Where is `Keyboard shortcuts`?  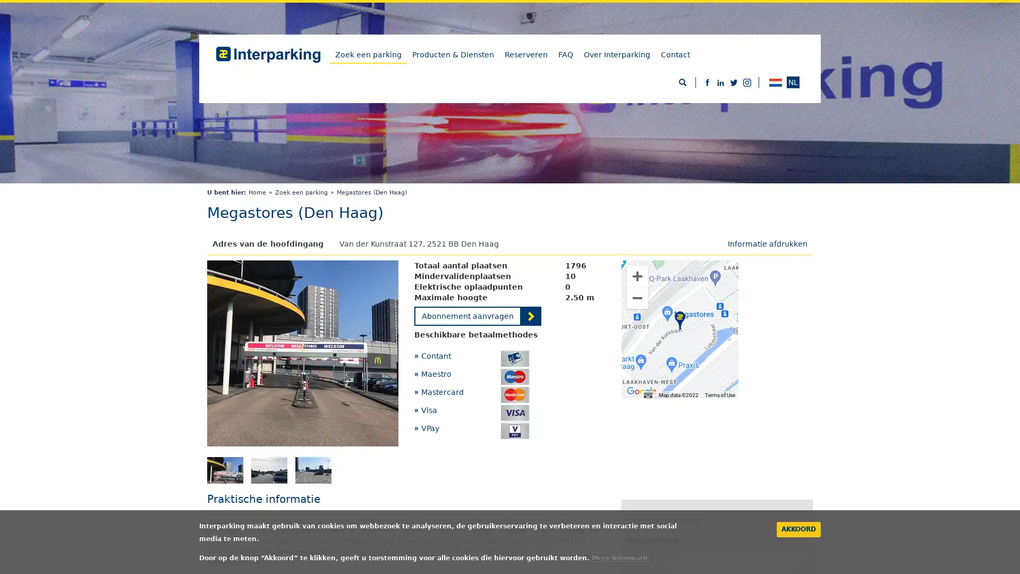
Keyboard shortcuts is located at coordinates (647, 395).